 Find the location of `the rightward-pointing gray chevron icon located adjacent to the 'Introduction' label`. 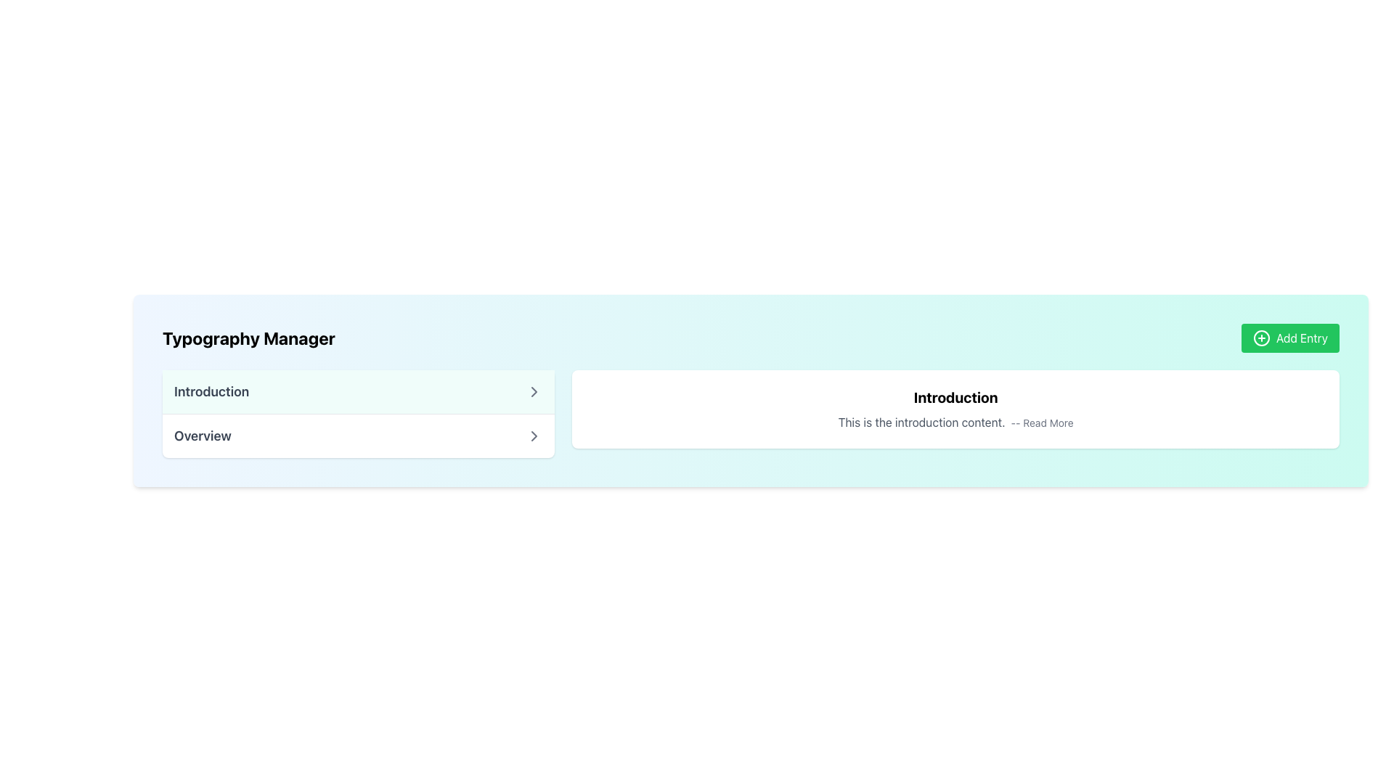

the rightward-pointing gray chevron icon located adjacent to the 'Introduction' label is located at coordinates (534, 392).